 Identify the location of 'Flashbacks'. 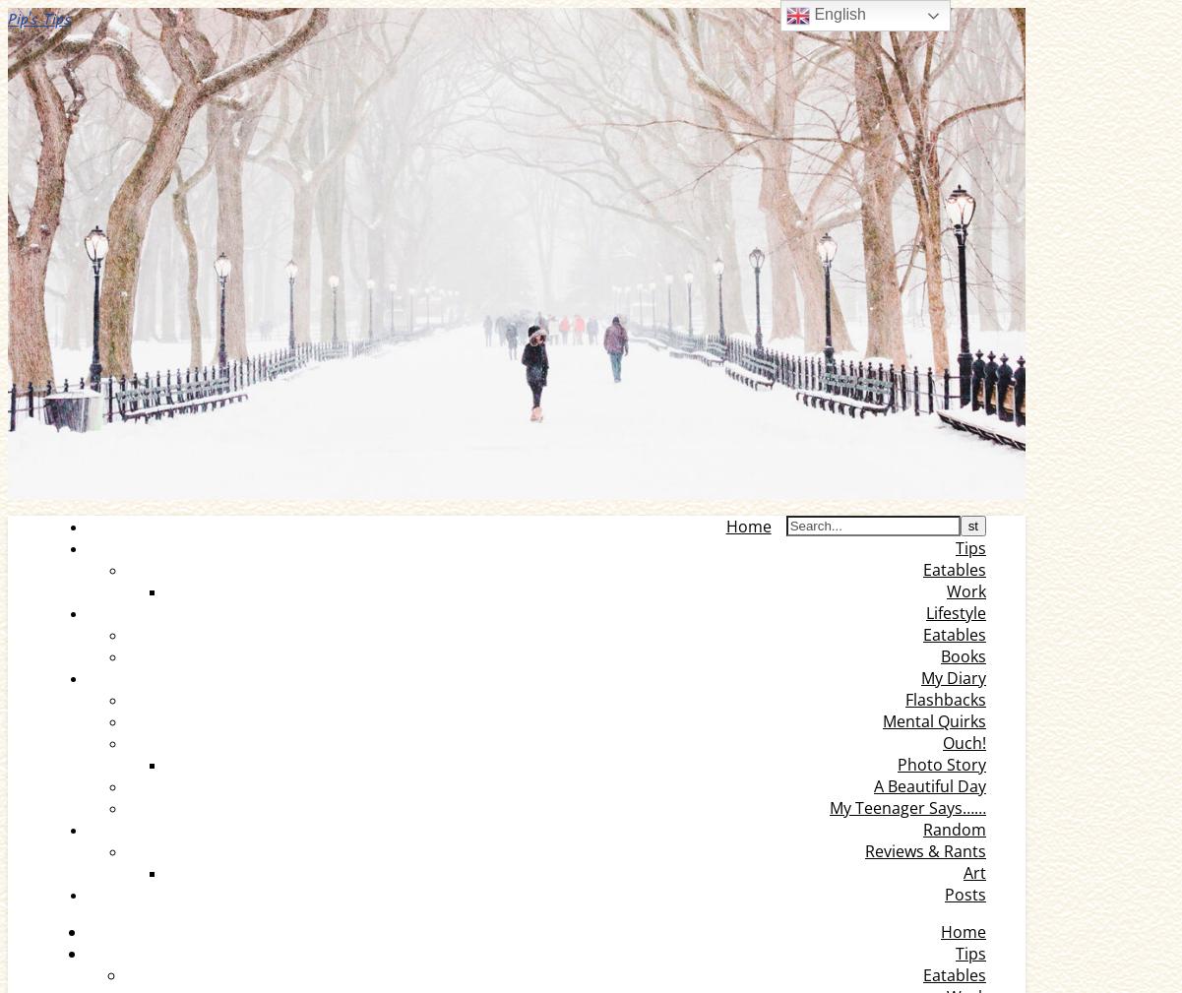
(946, 700).